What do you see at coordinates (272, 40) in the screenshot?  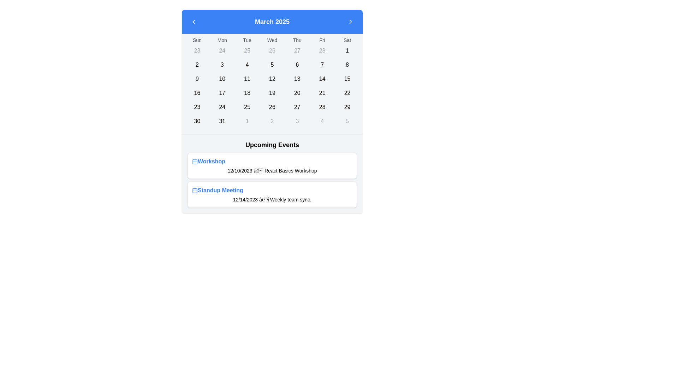 I see `the Text label indicating 'Wed' in the header row of the calendar for March 2025, which is positioned between 'Tue' and 'Thu'` at bounding box center [272, 40].